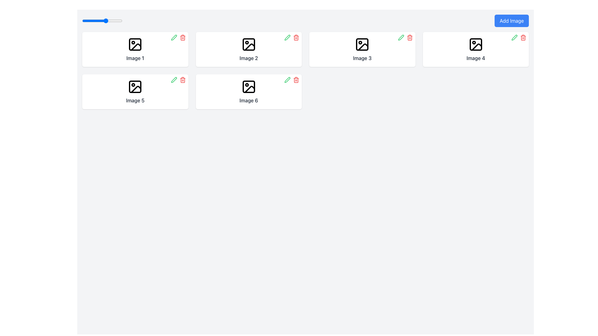  Describe the element at coordinates (248, 44) in the screenshot. I see `the rounded rectangle graphical shape with a black outline located centrally within the image icon` at that location.